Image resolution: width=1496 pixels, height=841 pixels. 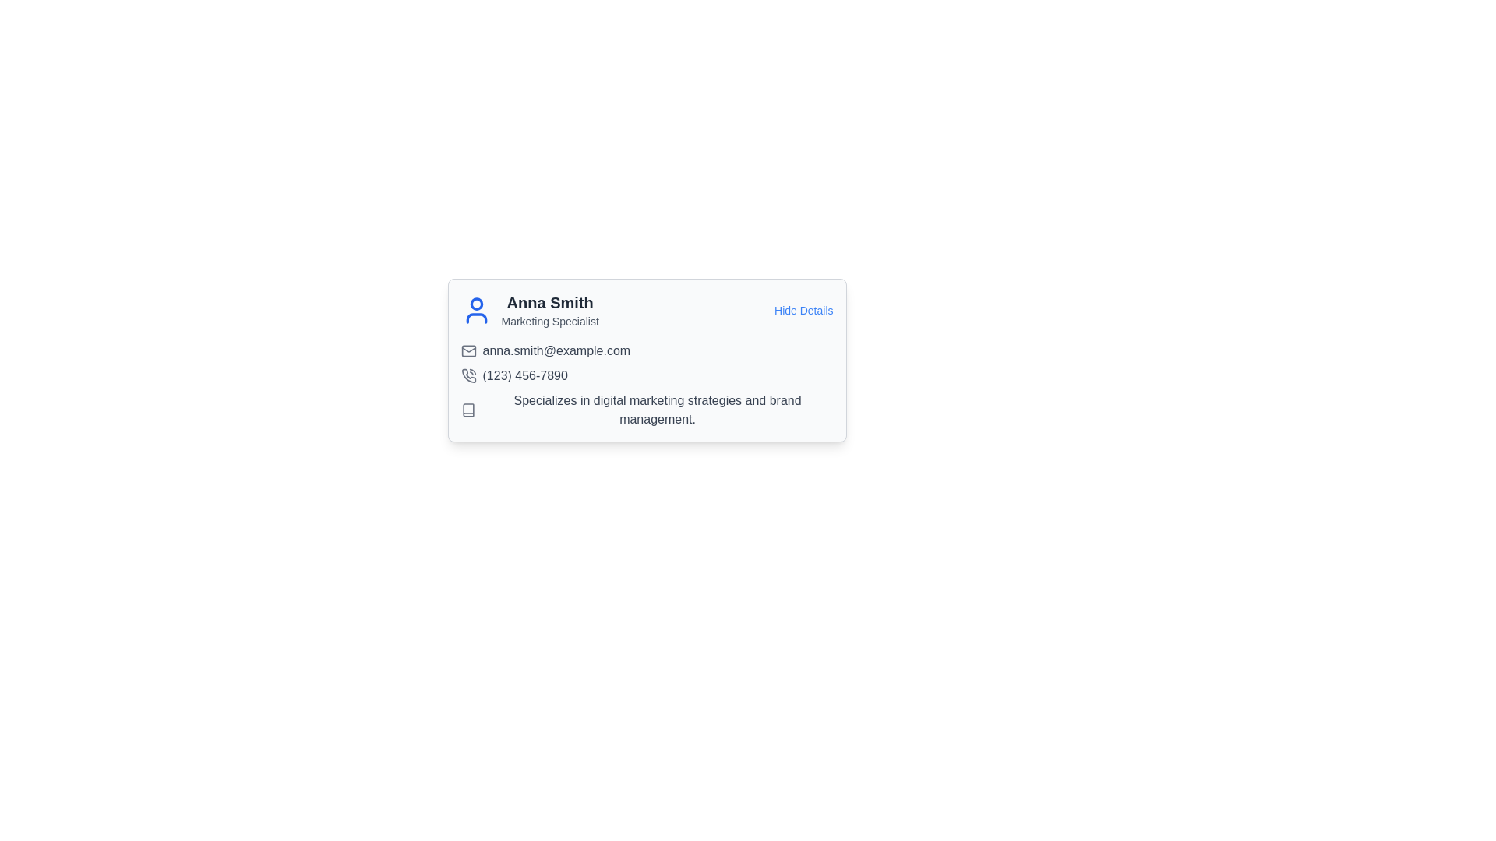 What do you see at coordinates (550, 303) in the screenshot?
I see `the title text element which serves as the main identifying name for the profile, located above the text 'Marketing Specialist'` at bounding box center [550, 303].